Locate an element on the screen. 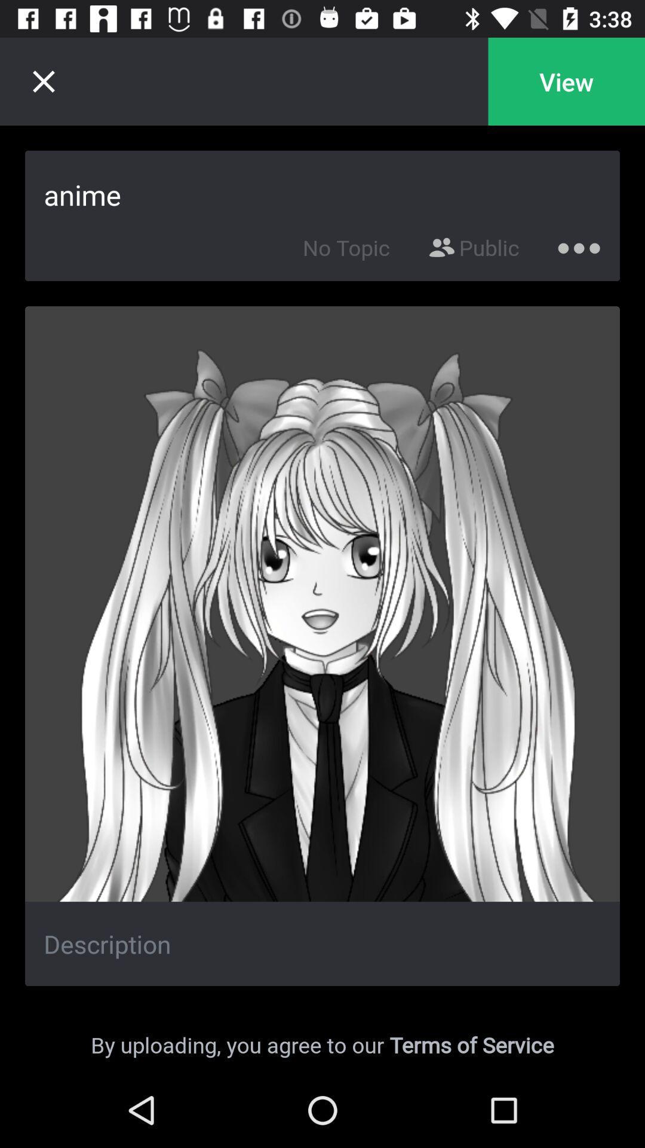 The image size is (645, 1148). quit for menu is located at coordinates (43, 81).